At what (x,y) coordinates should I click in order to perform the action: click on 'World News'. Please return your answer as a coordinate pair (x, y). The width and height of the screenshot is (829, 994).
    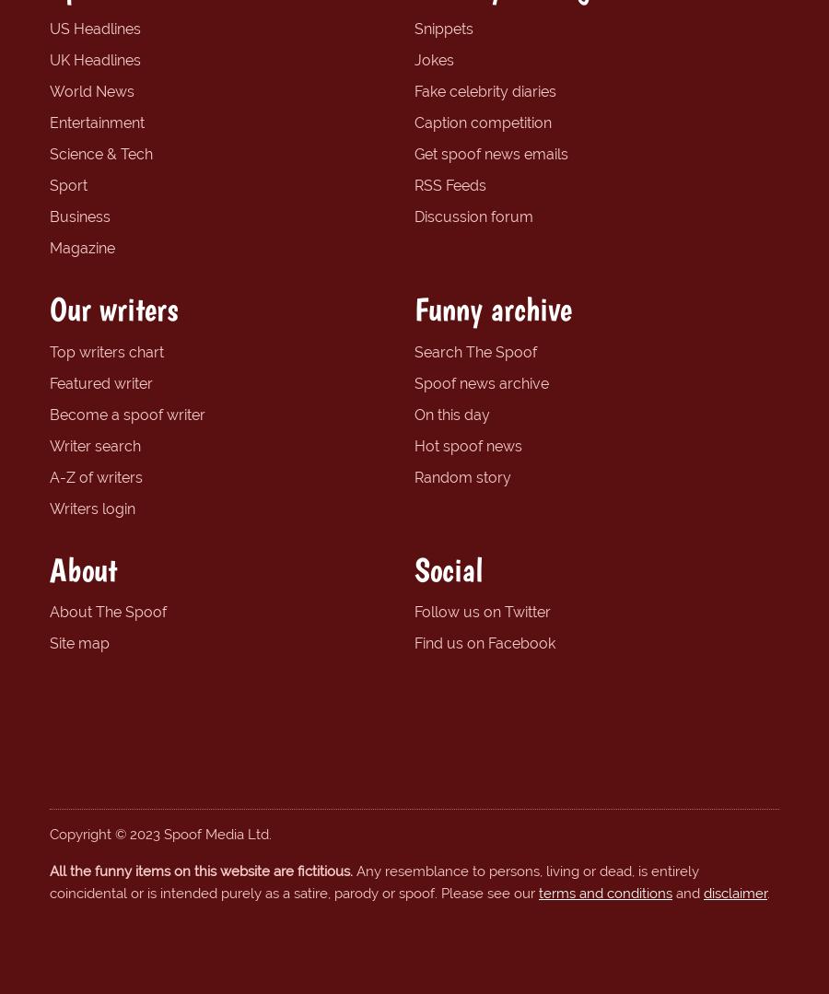
    Looking at the image, I should click on (90, 90).